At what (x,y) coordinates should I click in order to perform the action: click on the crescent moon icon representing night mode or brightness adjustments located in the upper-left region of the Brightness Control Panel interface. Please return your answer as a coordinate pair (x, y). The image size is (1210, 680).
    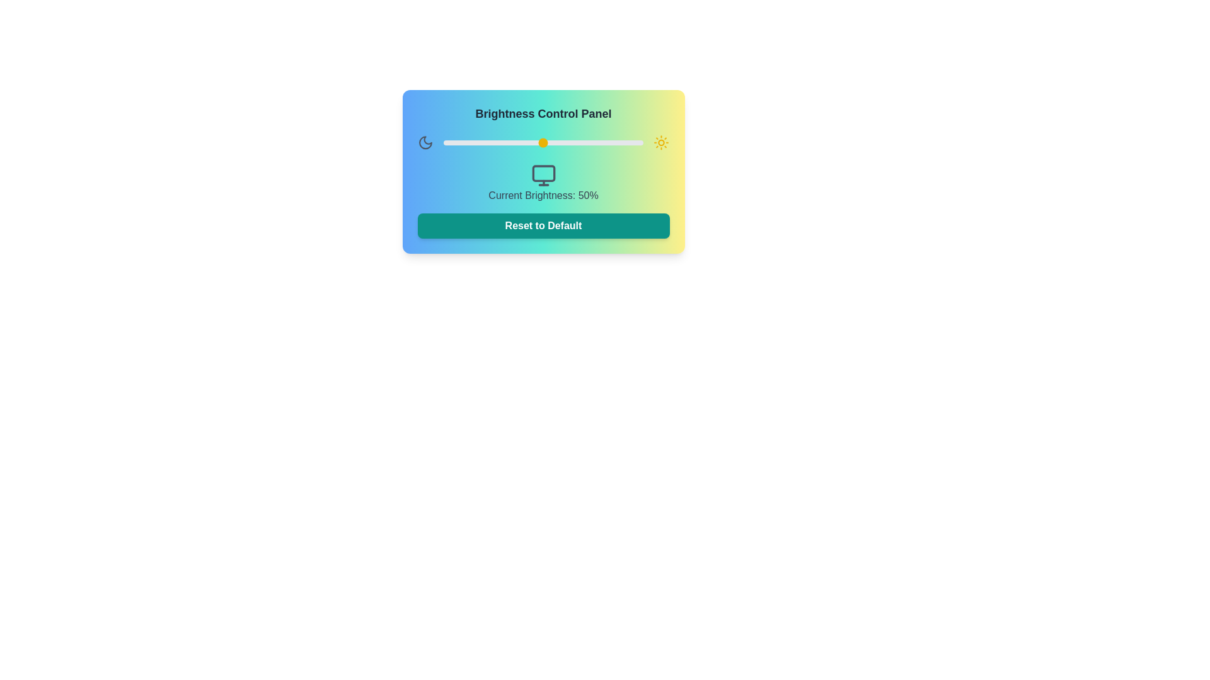
    Looking at the image, I should click on (425, 142).